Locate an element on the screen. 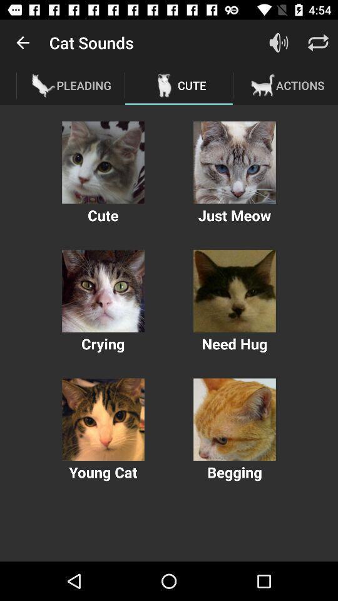 The height and width of the screenshot is (601, 338). refresh is located at coordinates (318, 43).